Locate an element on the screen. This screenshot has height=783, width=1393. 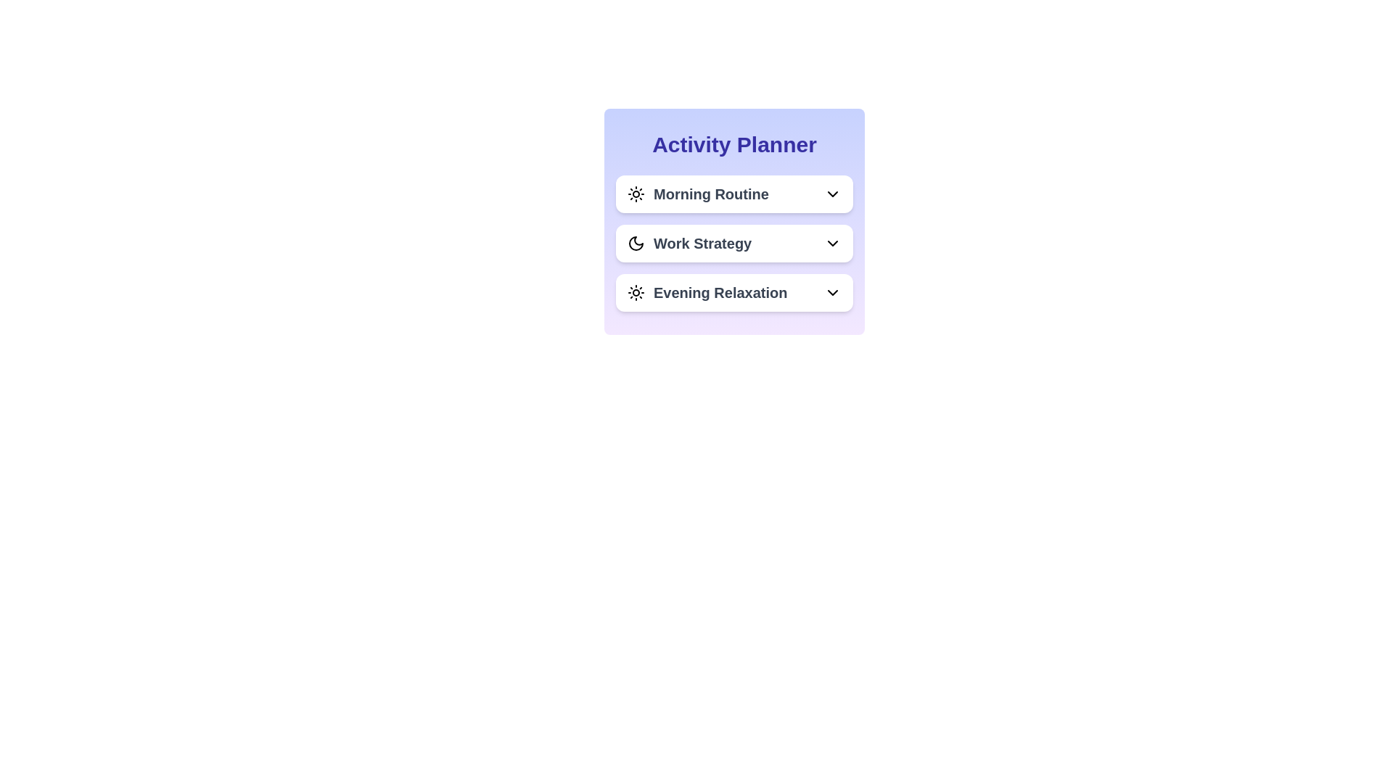
the activity icon for Morning Routine is located at coordinates (636, 193).